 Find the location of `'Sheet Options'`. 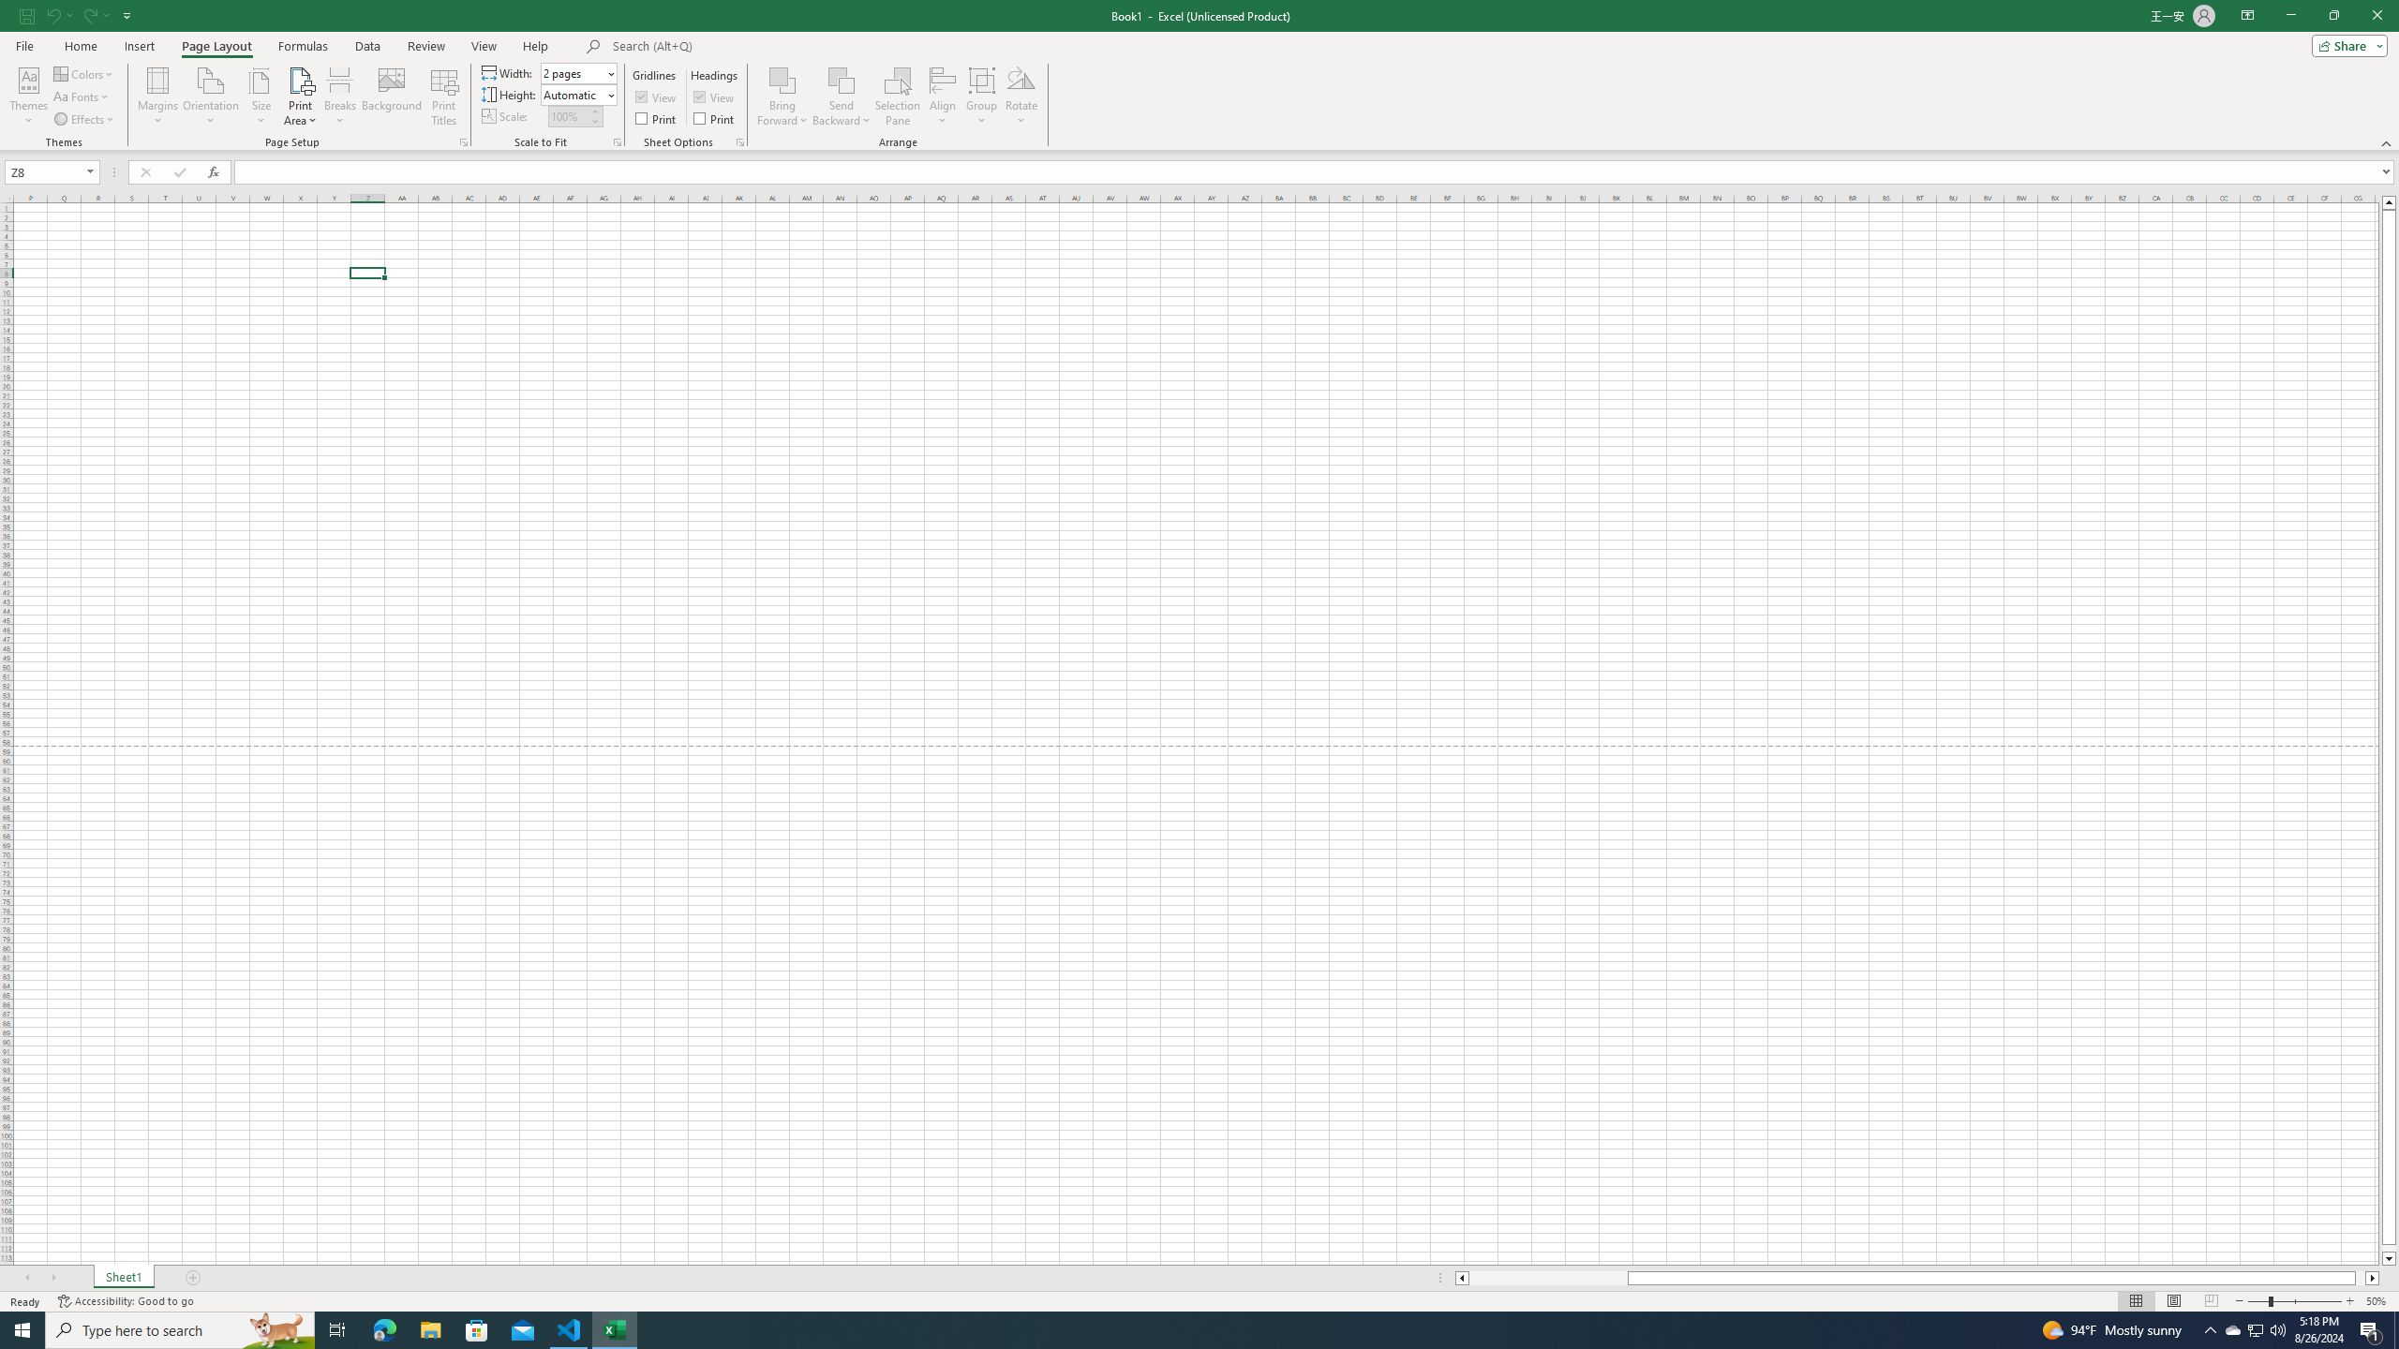

'Sheet Options' is located at coordinates (738, 141).